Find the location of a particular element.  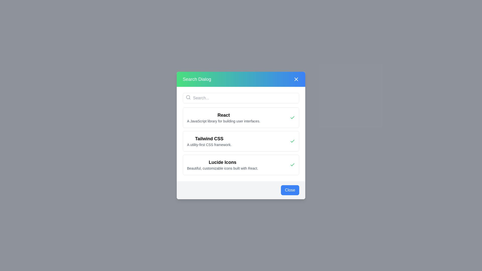

the 'Search Dialog' text label, which is bold and larger, located in the top bar with a gradient background is located at coordinates (197, 79).